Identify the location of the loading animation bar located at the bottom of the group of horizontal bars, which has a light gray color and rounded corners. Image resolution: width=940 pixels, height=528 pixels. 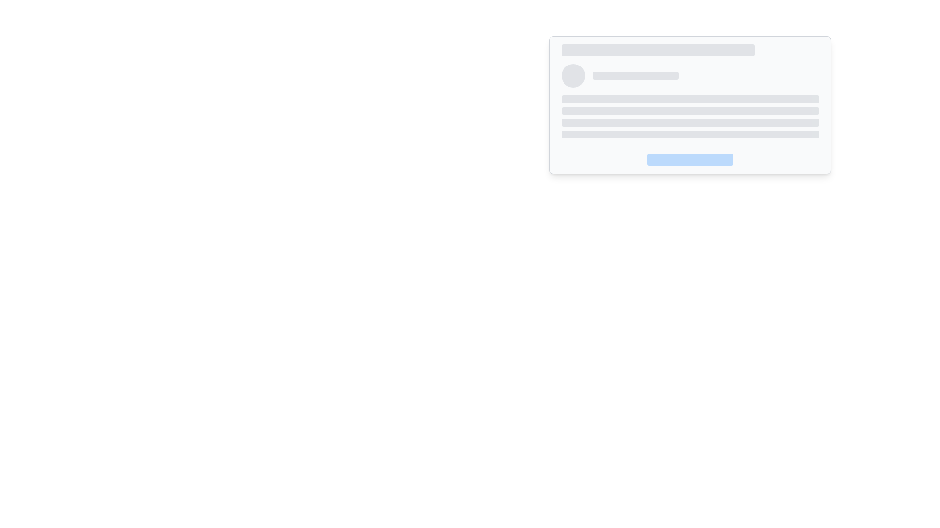
(690, 134).